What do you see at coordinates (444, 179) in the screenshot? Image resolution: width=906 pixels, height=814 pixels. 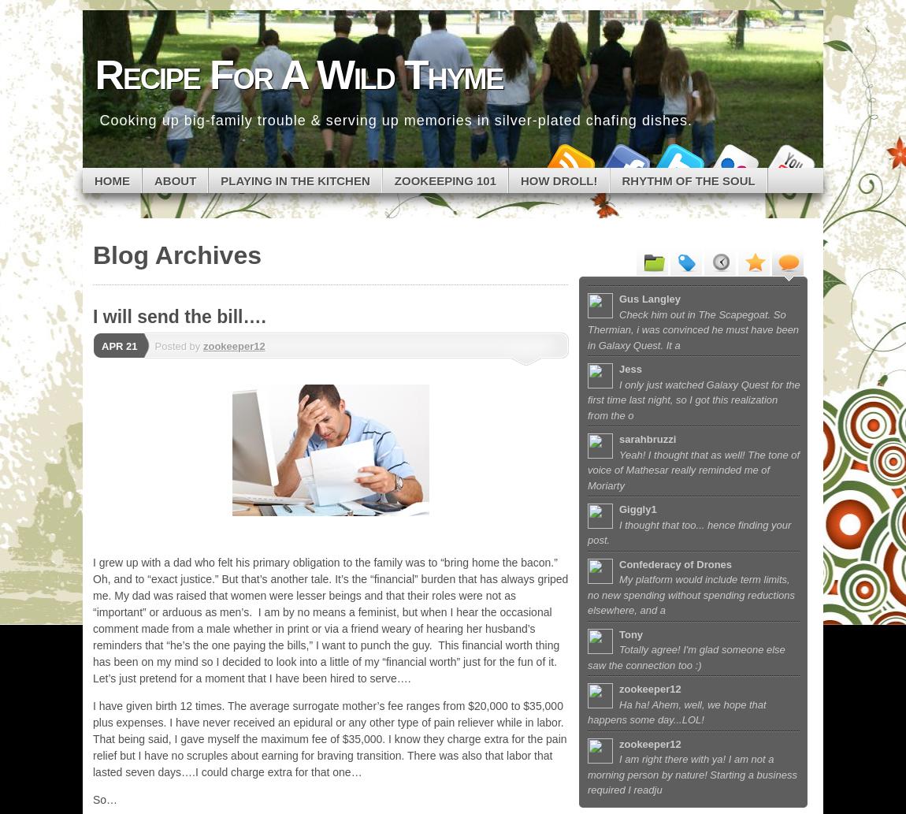 I see `'Zookeeping 101'` at bounding box center [444, 179].